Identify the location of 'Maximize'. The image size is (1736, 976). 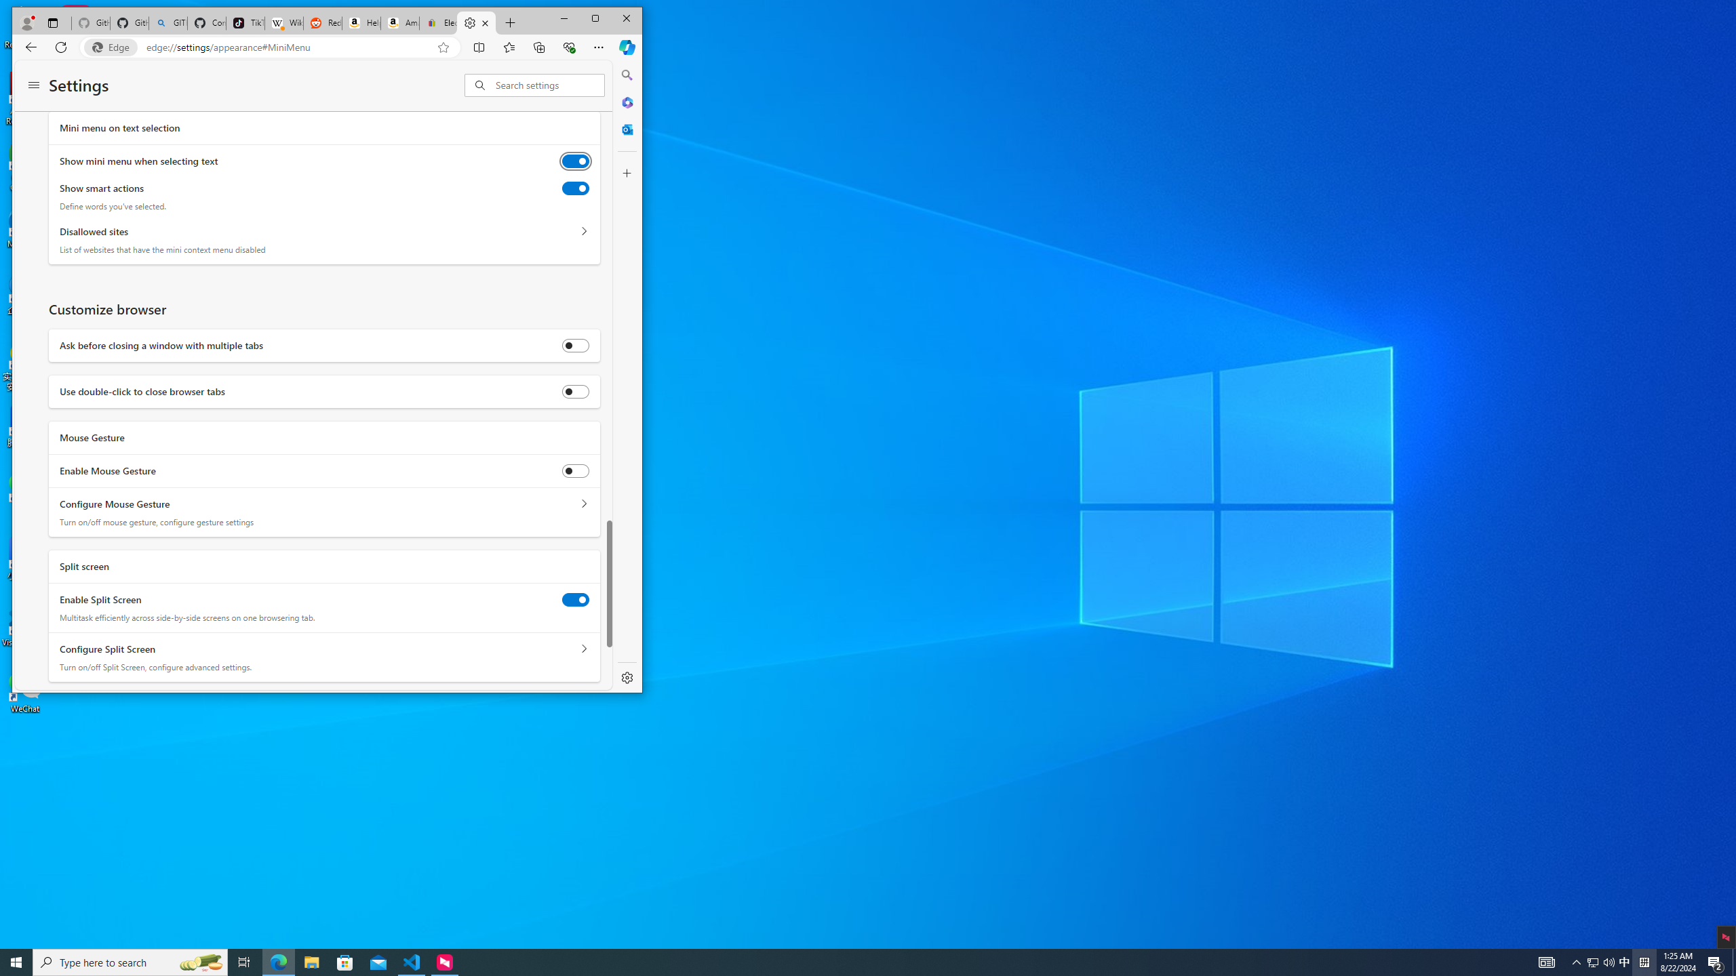
(595, 18).